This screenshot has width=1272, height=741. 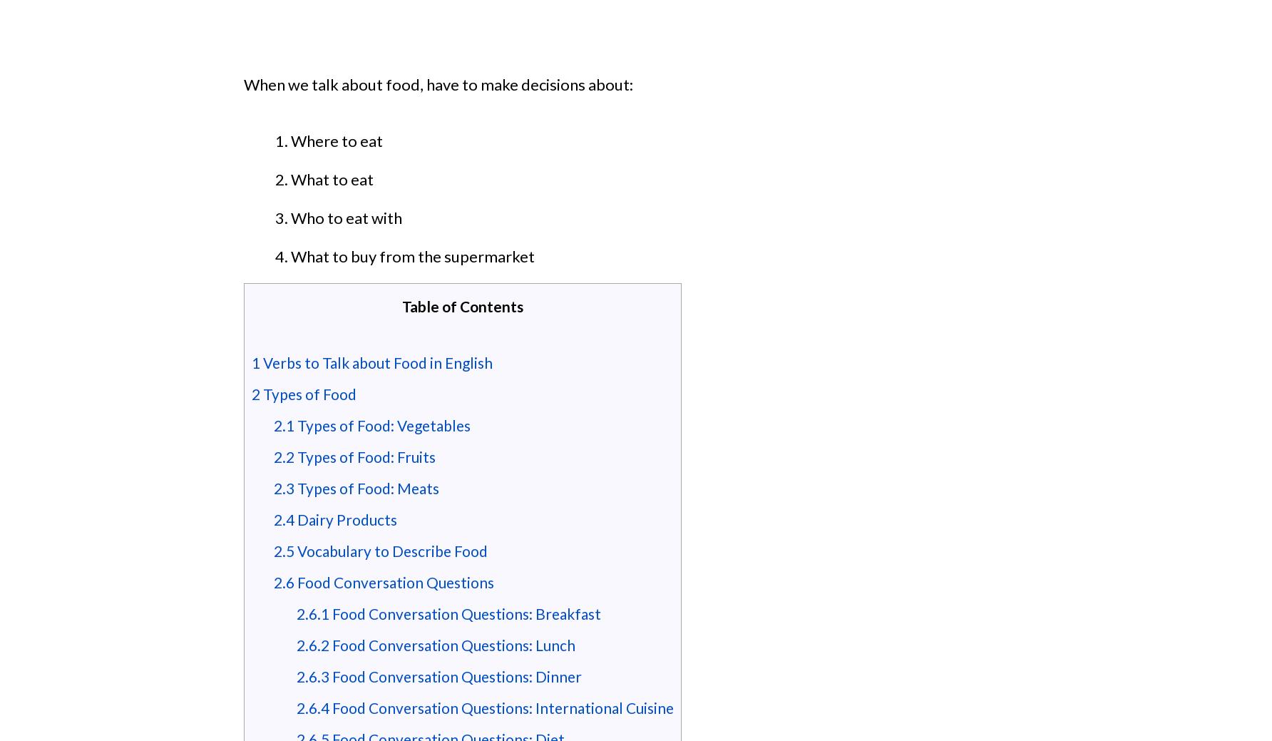 What do you see at coordinates (290, 218) in the screenshot?
I see `'Who to eat with'` at bounding box center [290, 218].